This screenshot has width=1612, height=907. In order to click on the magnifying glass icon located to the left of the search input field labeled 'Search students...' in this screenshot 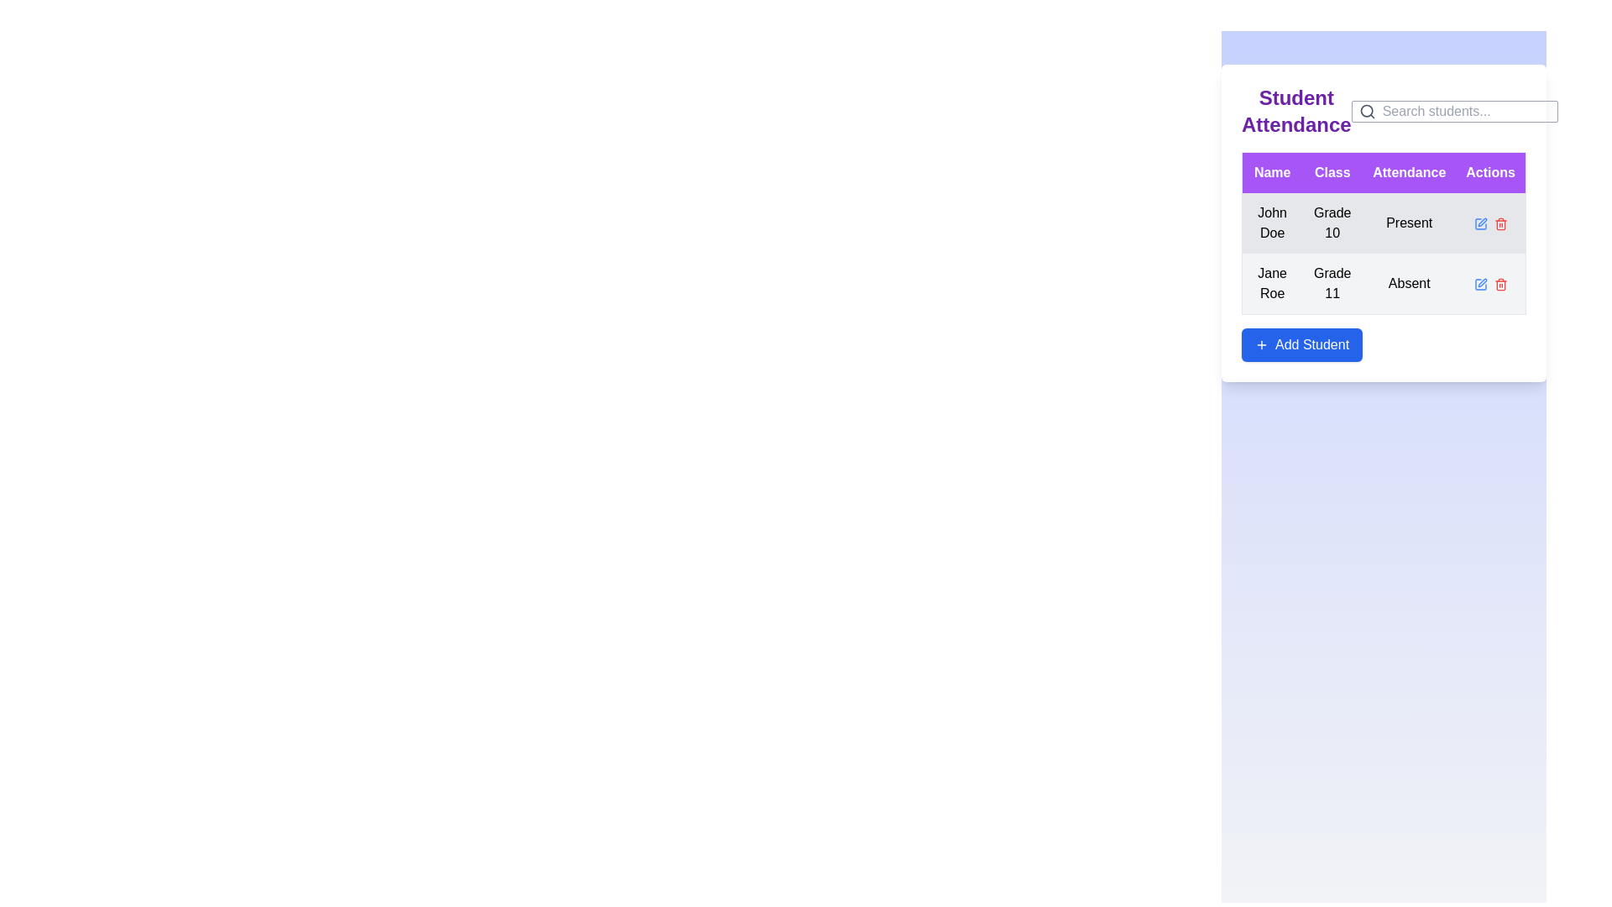, I will do `click(1367, 111)`.